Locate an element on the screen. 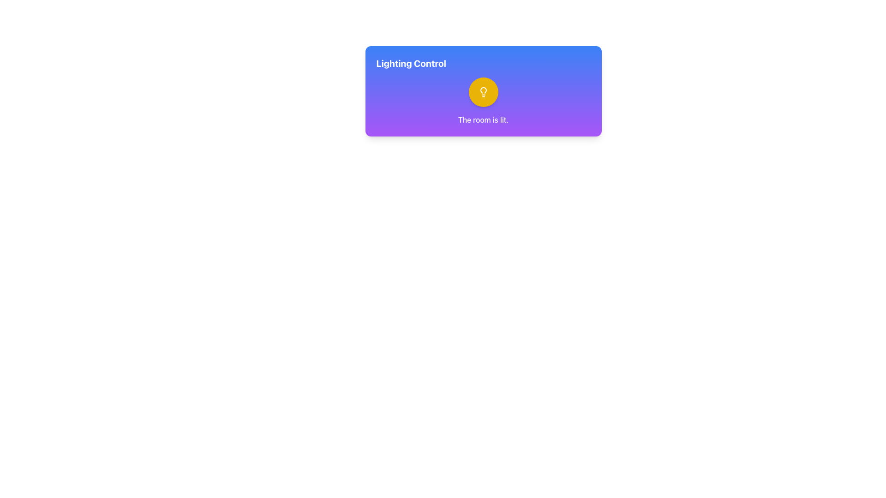  the static text label indicating the current state of the lighting in the room, located at the bottom of the 'Lighting Control' card with a gradient background is located at coordinates (483, 119).